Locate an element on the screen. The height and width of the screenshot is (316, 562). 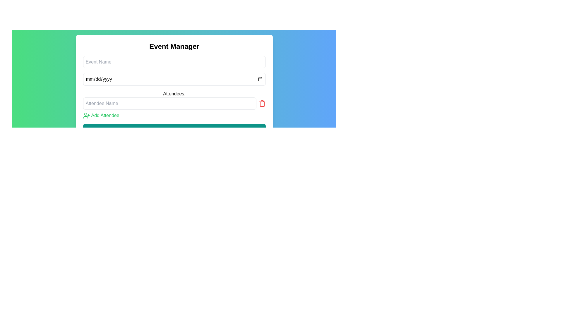
the label text associated with adding an attendee, located below the 'Attendee Name' input field and next to the left 'user plus' icon is located at coordinates (105, 115).